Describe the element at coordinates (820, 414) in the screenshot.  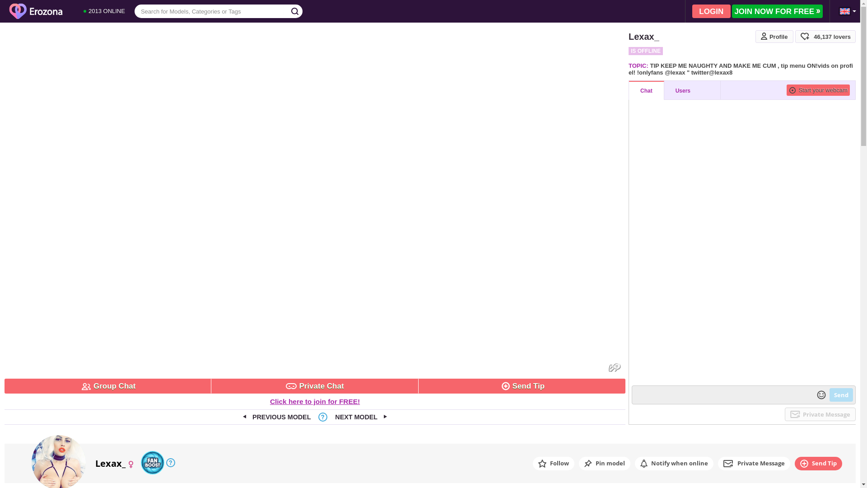
I see `'Private Message'` at that location.